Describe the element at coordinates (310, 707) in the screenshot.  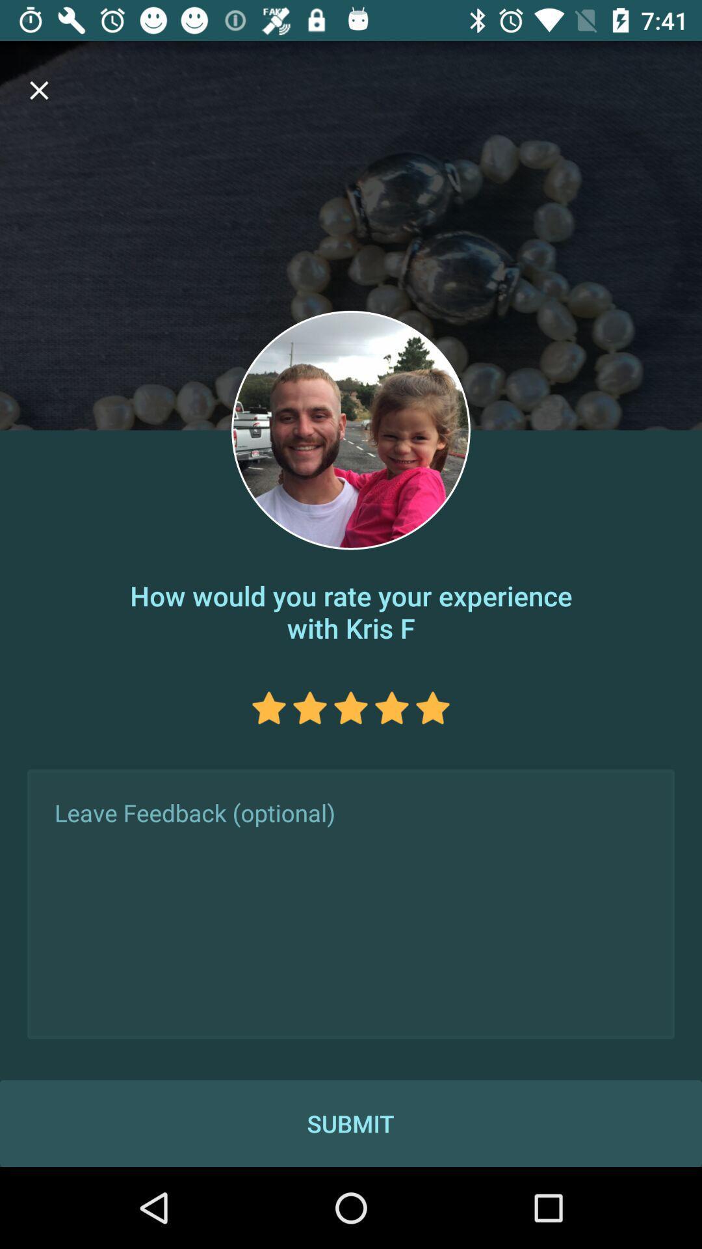
I see `rating` at that location.